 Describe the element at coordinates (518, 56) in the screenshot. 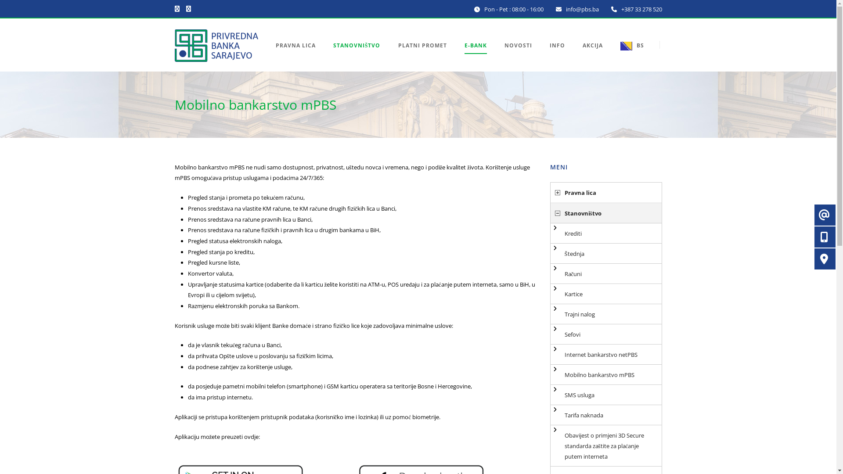

I see `'NOVOSTI'` at that location.